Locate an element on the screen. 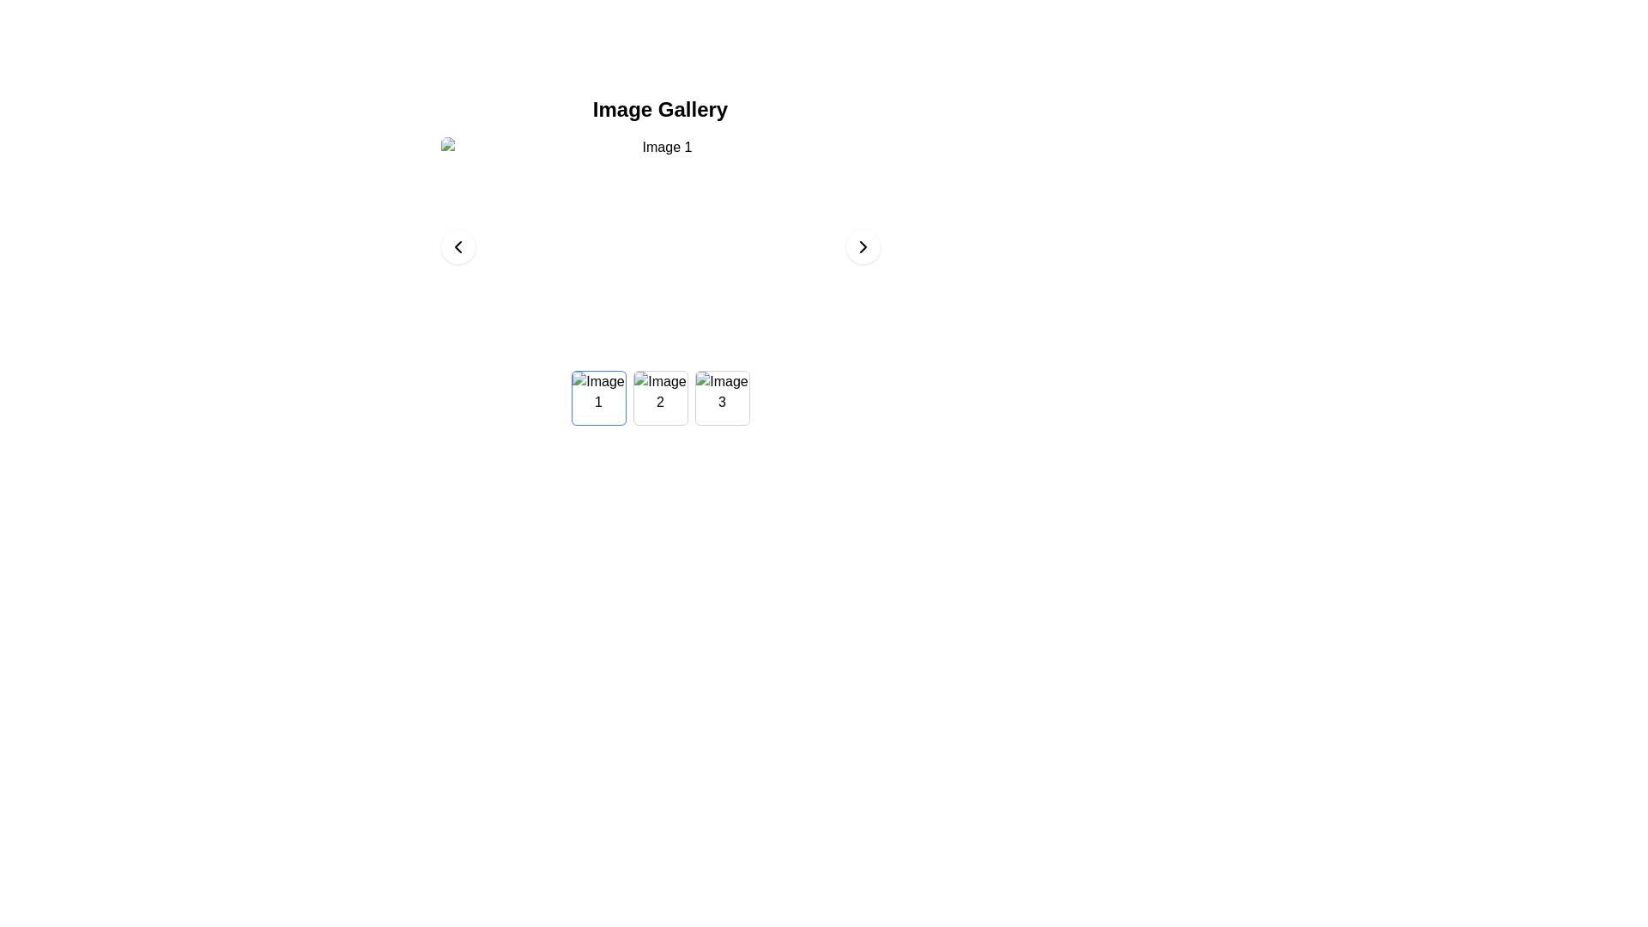 This screenshot has height=927, width=1648. the image thumbnail located in the selection grid is located at coordinates (722, 397).